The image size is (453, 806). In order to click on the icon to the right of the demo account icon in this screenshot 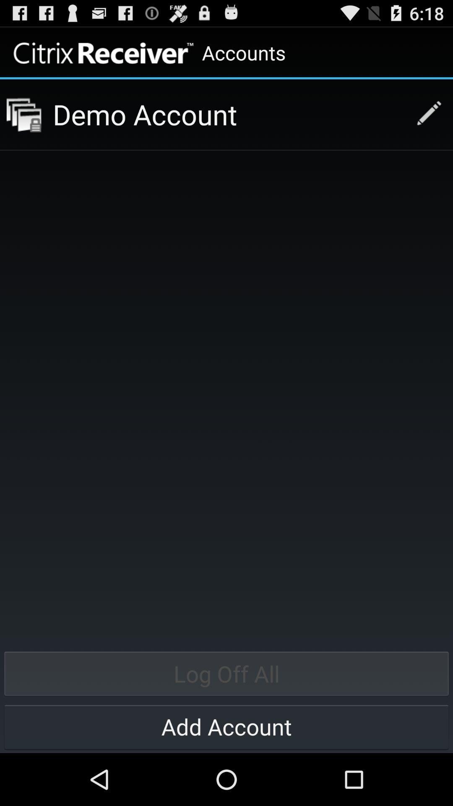, I will do `click(424, 114)`.